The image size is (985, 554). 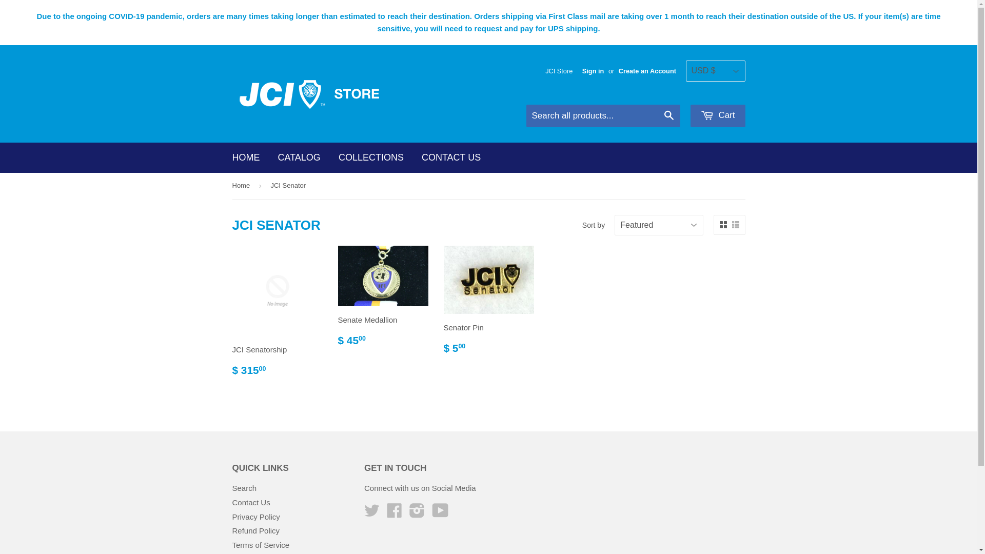 I want to click on 'Senator Pin, so click(x=487, y=304).